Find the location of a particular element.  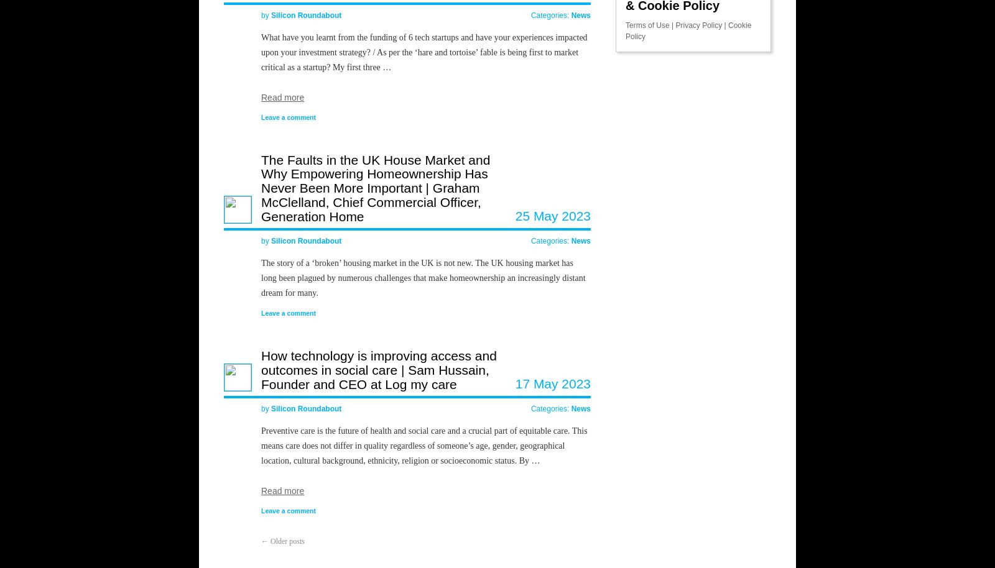

'The Faults in the UK House Market and Why Empowering Homeownership Has Never Been More Important | Graham McClelland, Chief Commercial Officer, Generation Home' is located at coordinates (376, 187).